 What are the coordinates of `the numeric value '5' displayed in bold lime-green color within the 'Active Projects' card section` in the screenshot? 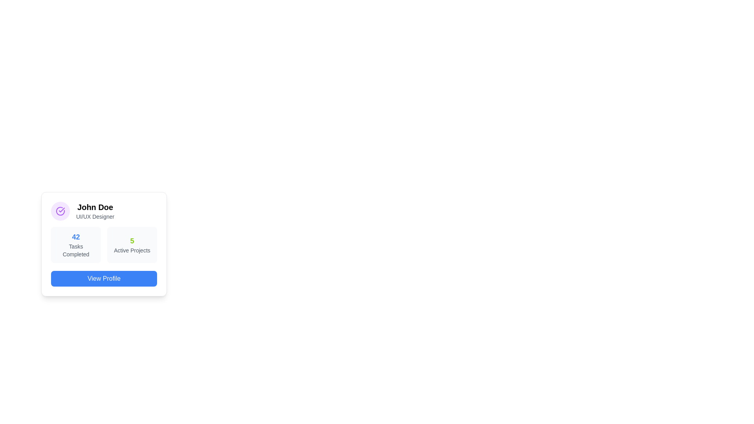 It's located at (132, 240).